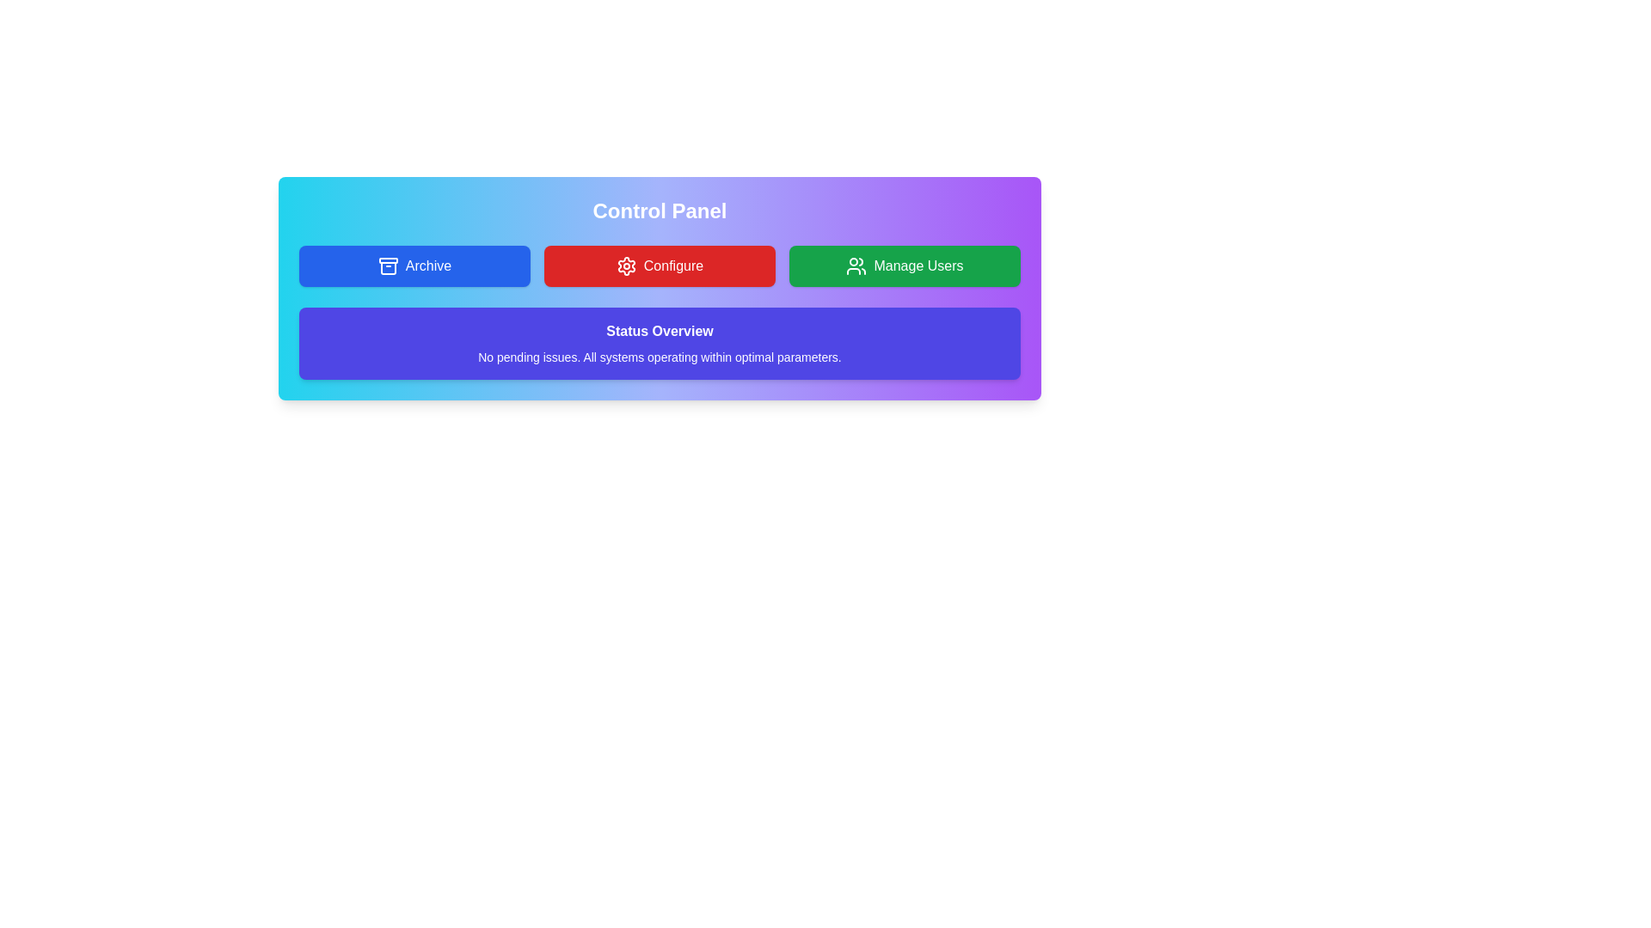 The width and height of the screenshot is (1651, 928). Describe the element at coordinates (625, 266) in the screenshot. I see `the gear icon with a red background located within the 'Configure' button for visual feedback` at that location.